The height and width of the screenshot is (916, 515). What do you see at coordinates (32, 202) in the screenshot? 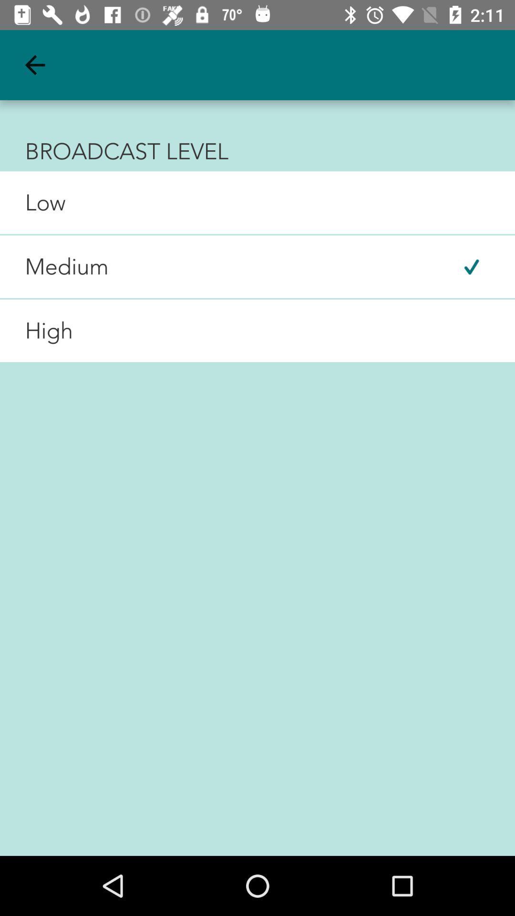
I see `the low icon` at bounding box center [32, 202].